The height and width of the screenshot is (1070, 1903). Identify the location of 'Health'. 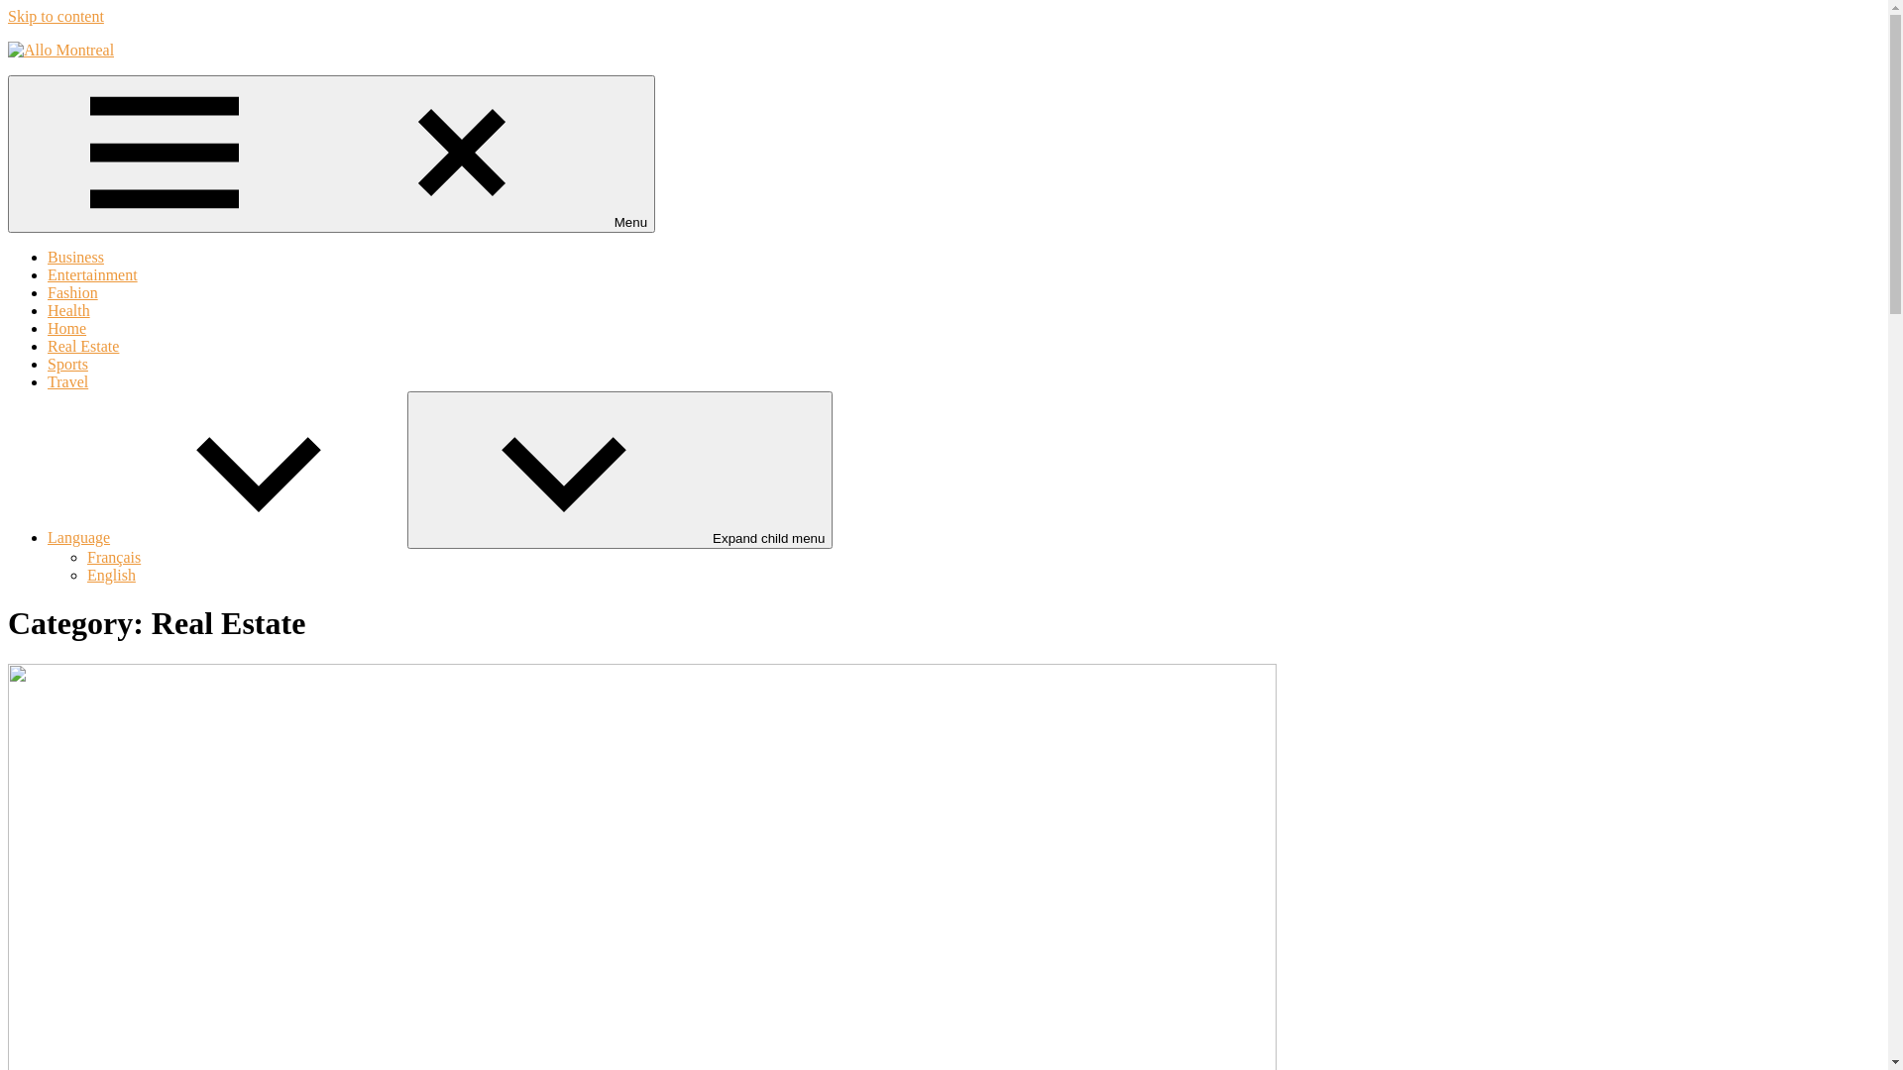
(68, 310).